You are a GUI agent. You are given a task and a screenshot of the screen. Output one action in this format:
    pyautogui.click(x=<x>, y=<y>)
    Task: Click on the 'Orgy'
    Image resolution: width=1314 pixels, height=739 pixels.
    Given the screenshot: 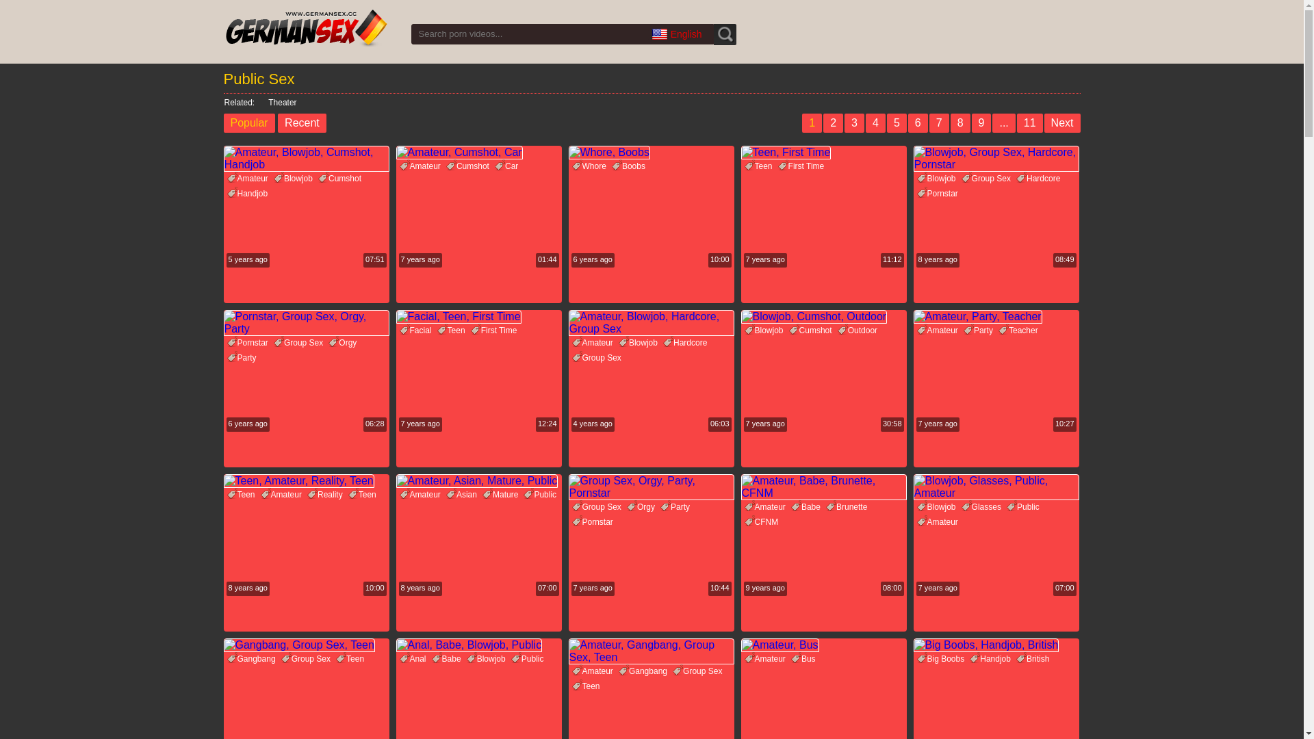 What is the action you would take?
    pyautogui.click(x=328, y=342)
    